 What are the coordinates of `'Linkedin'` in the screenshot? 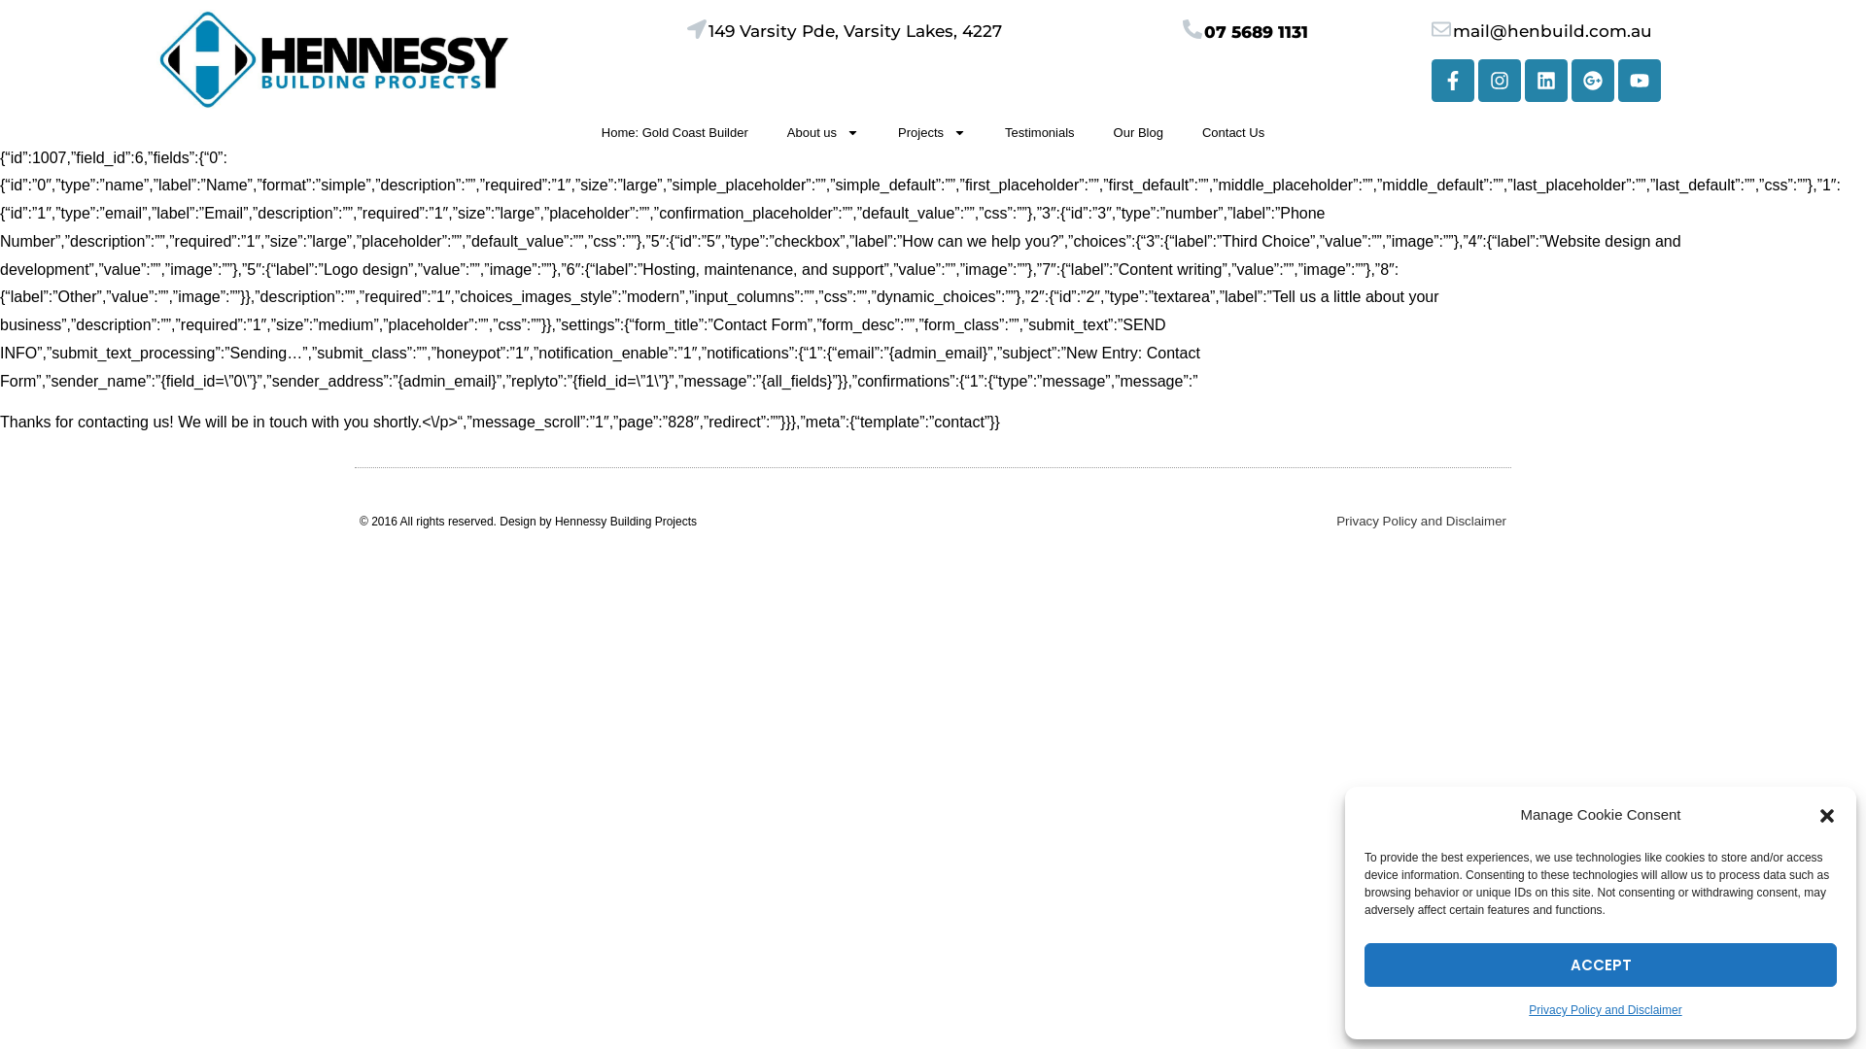 It's located at (1524, 78).